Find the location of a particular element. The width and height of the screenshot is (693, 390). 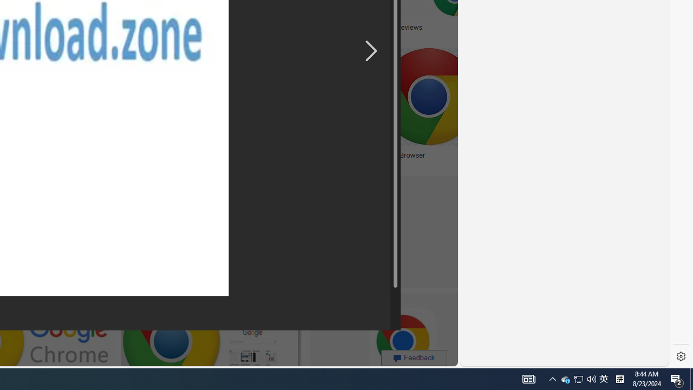

'Chrome Browser' is located at coordinates (453, 155).